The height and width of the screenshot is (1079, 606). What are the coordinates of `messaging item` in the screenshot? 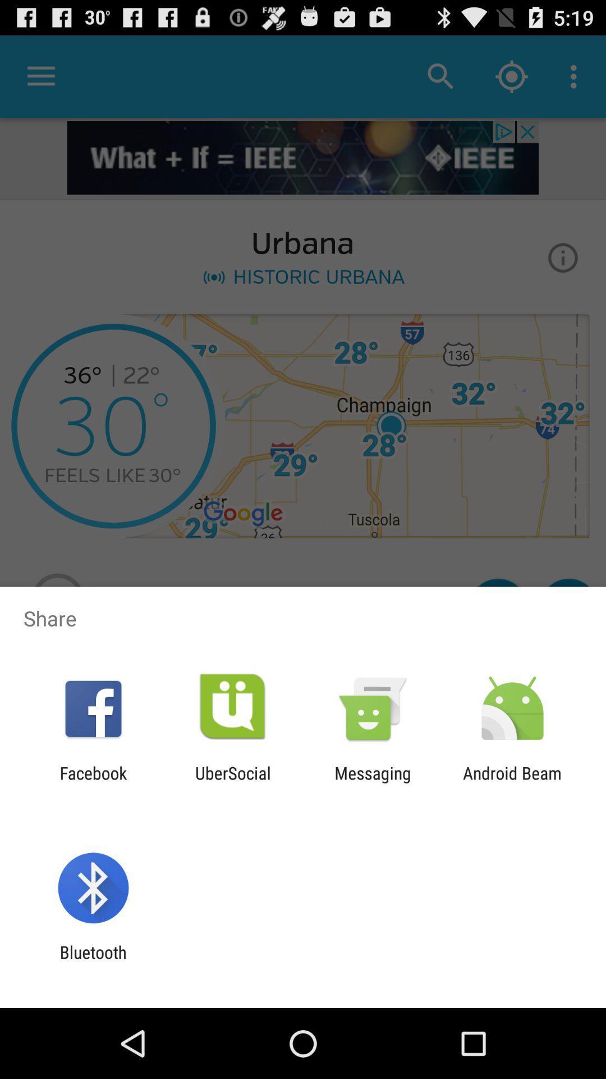 It's located at (373, 782).